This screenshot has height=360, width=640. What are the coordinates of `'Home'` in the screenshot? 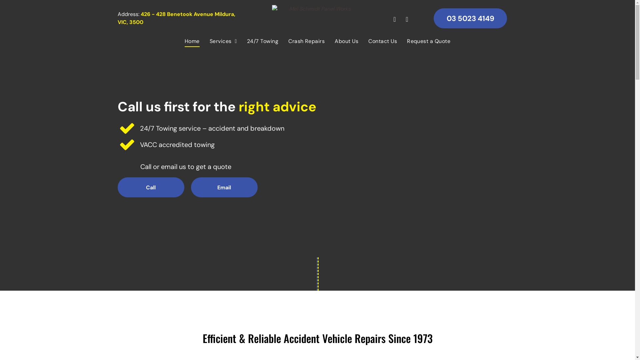 It's located at (179, 41).